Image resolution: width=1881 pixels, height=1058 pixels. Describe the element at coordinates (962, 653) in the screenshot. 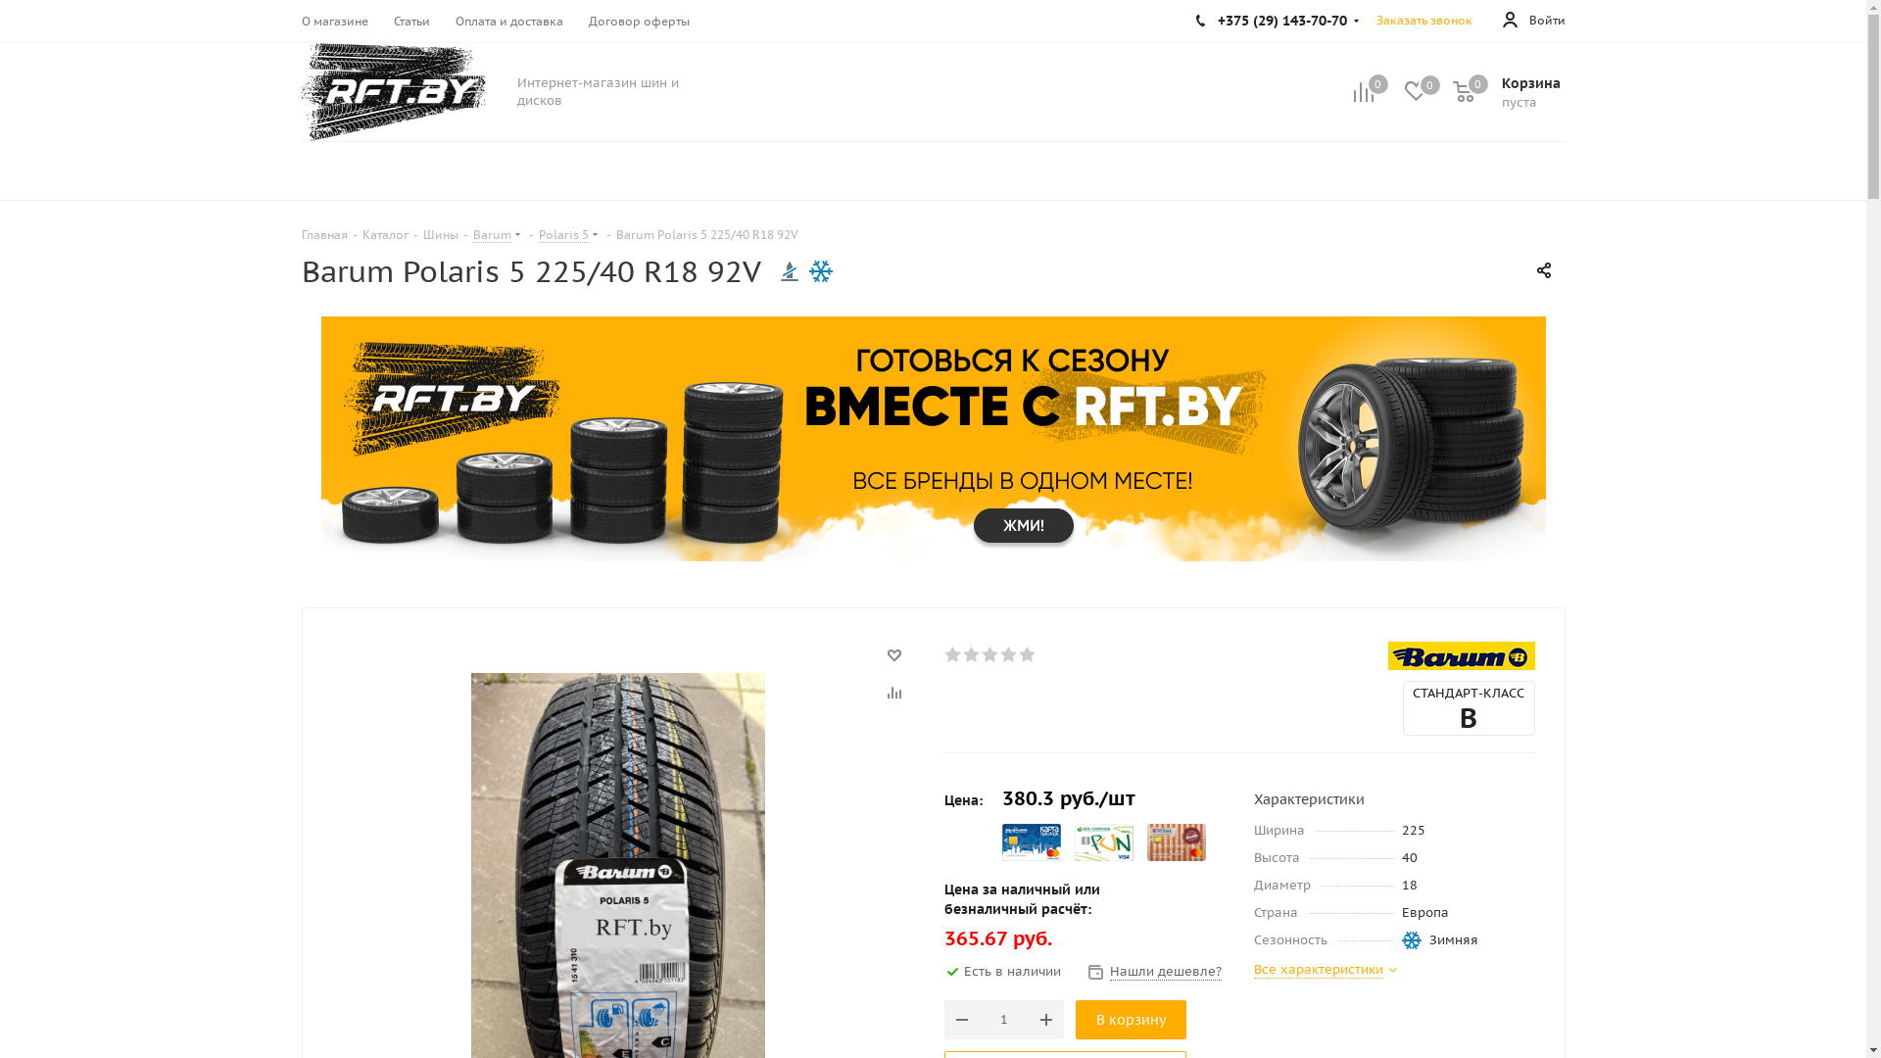

I see `'2'` at that location.